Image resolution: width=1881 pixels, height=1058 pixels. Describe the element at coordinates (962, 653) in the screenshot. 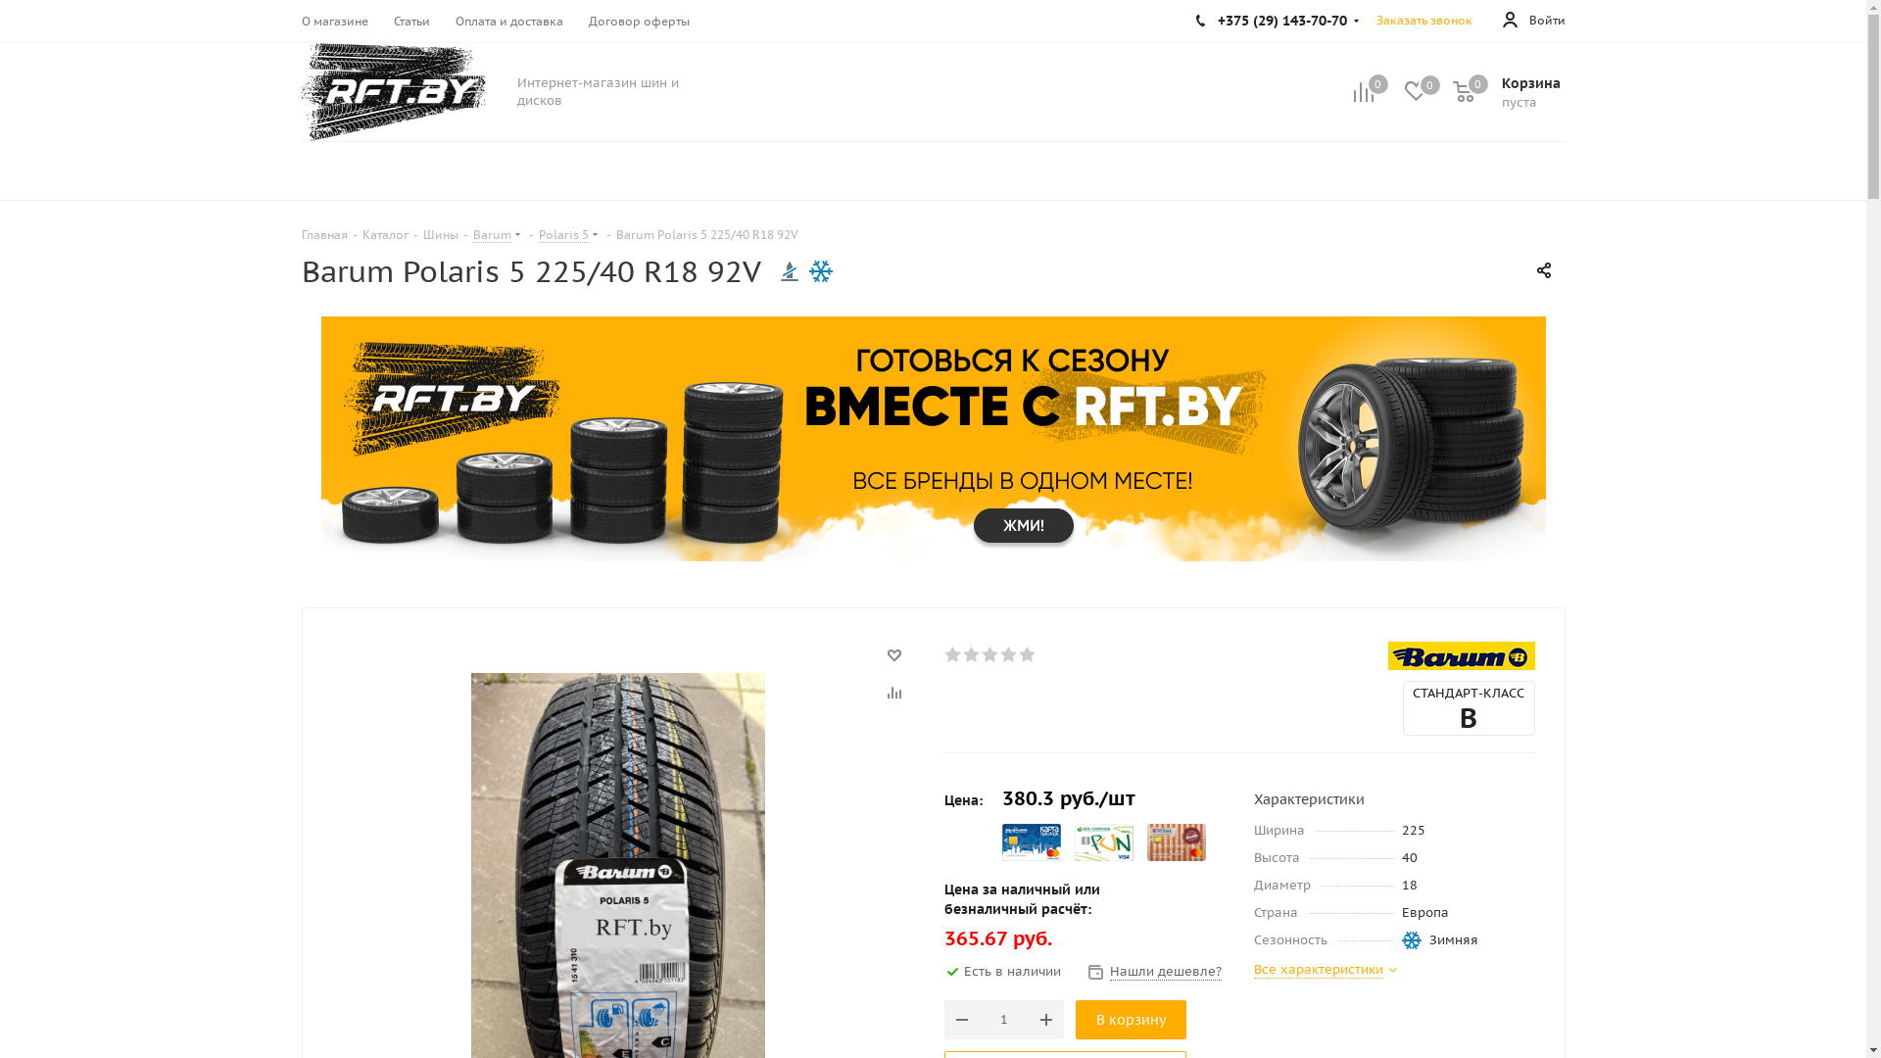

I see `'2'` at that location.